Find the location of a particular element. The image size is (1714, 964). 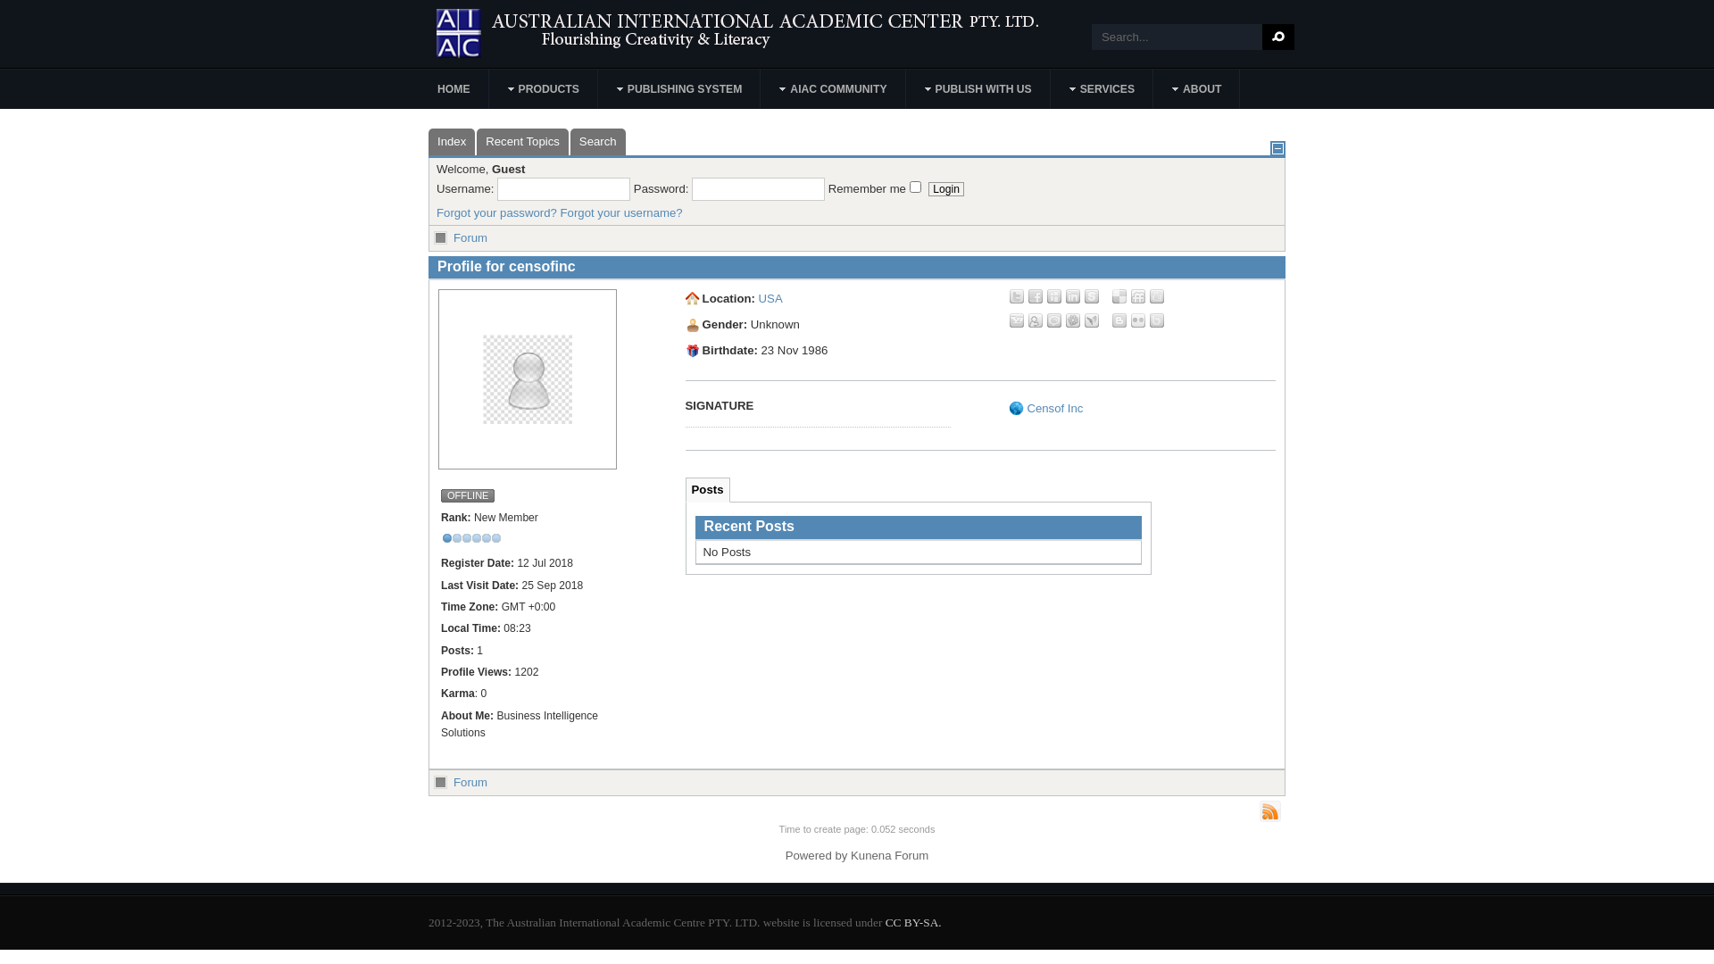

'Forum' is located at coordinates (470, 237).